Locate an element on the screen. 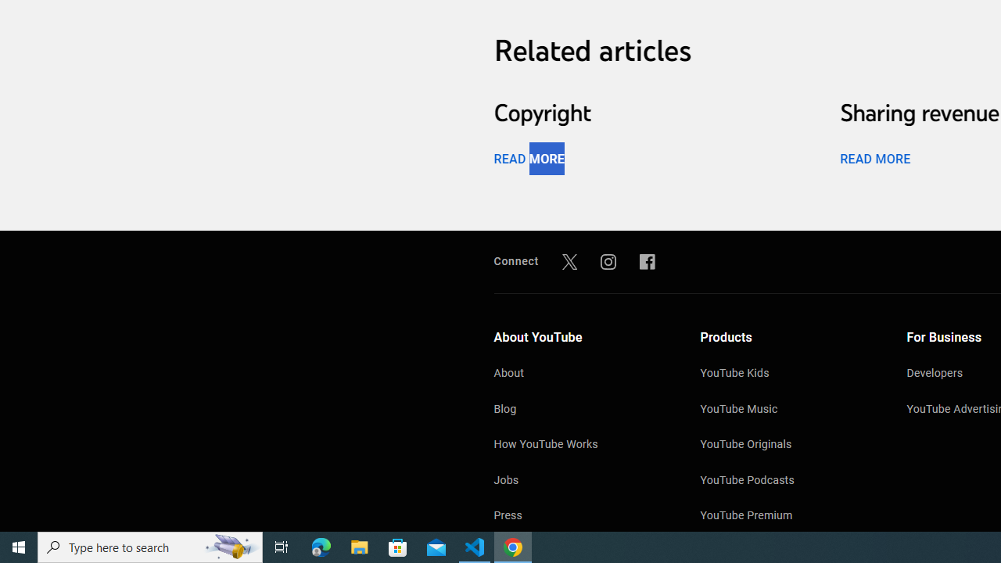  'How YouTube Works' is located at coordinates (580, 446).